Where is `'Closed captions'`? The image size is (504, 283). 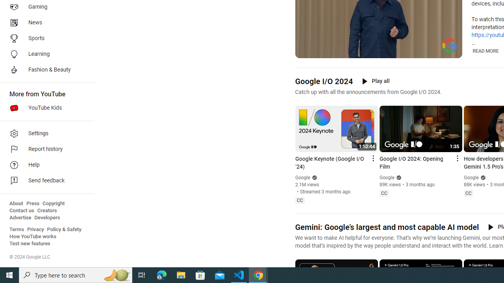
'Closed captions' is located at coordinates (468, 193).